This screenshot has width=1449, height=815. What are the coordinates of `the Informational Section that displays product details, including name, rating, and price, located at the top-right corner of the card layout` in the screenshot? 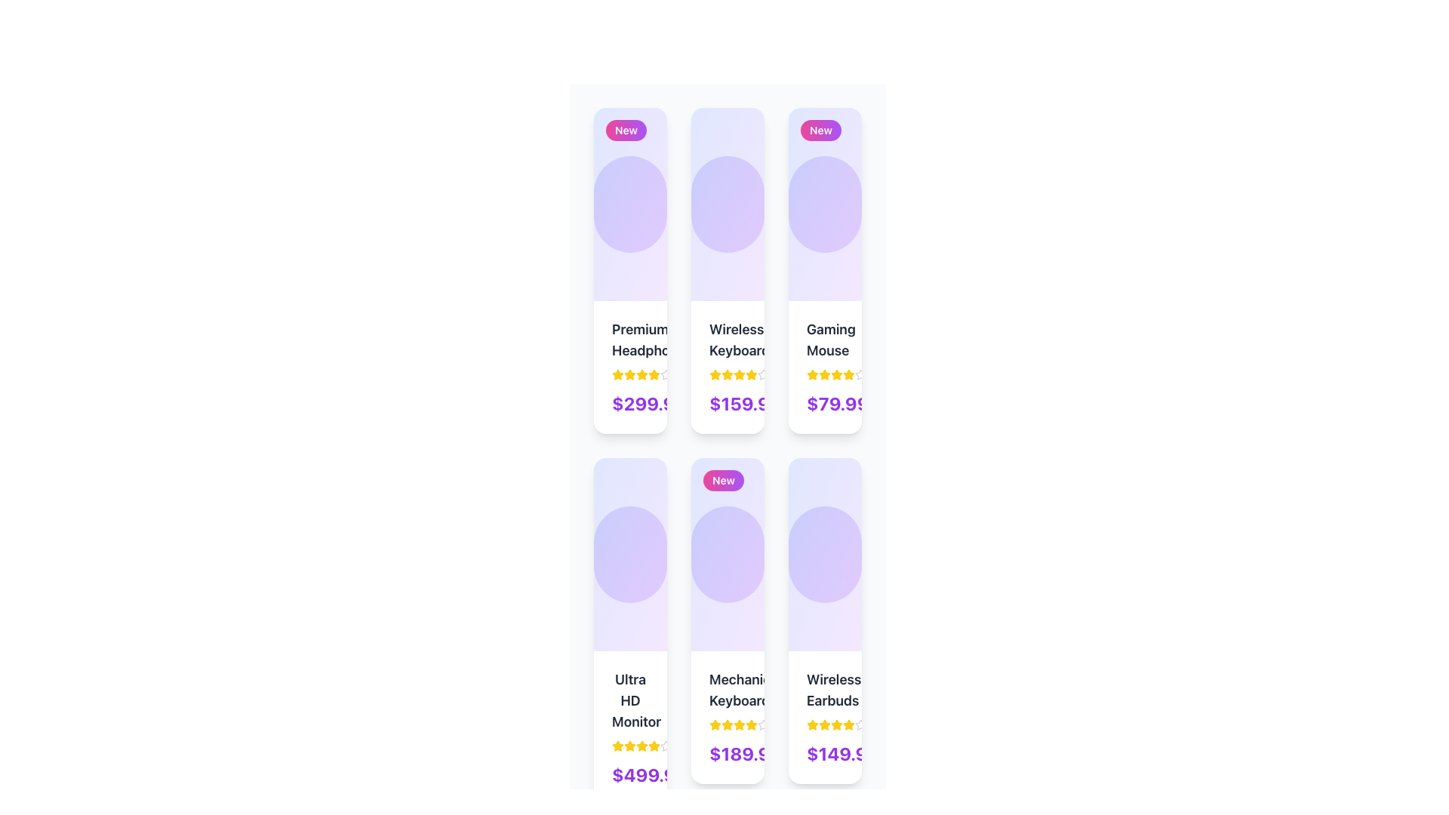 It's located at (824, 367).